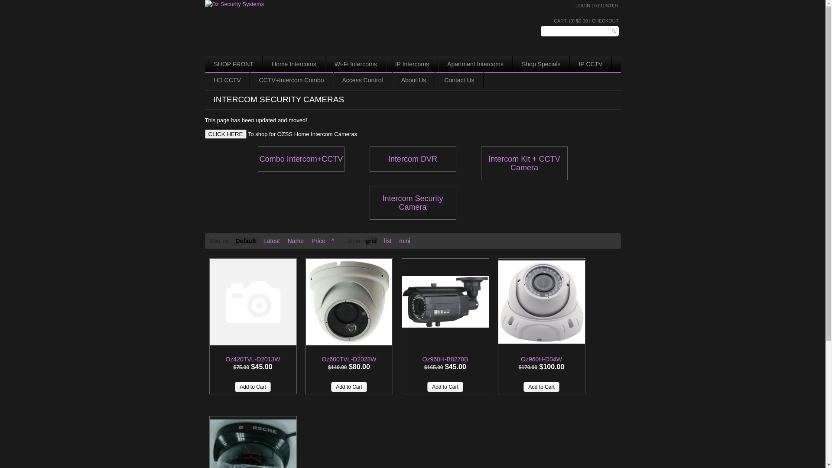  I want to click on 'REGISTER', so click(605, 5).